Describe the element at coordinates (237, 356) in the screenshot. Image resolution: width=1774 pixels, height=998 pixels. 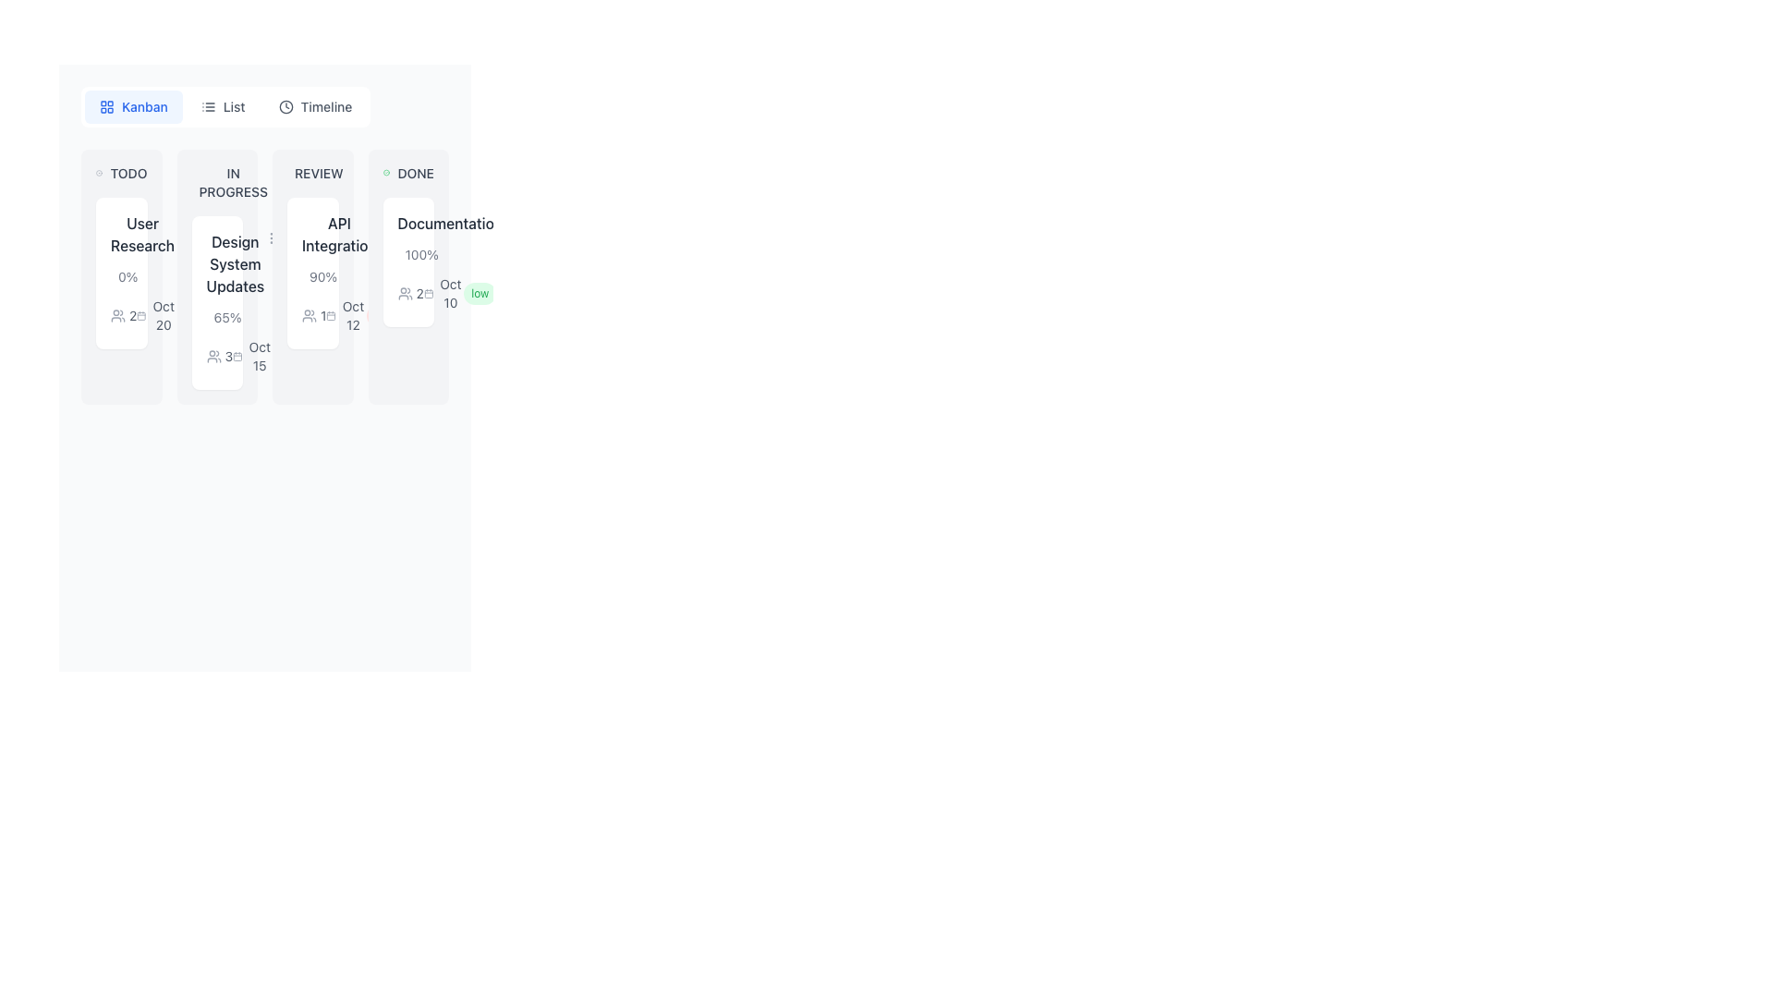
I see `the small grayish calendar icon located` at that location.